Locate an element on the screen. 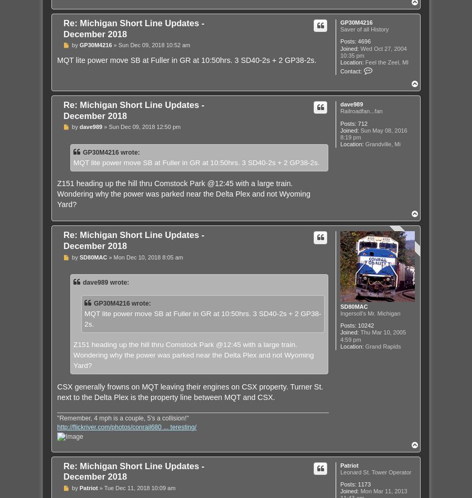 This screenshot has height=498, width=472. 'http://flickriver.com/photos/conrail680 ... teresting/' is located at coordinates (126, 427).